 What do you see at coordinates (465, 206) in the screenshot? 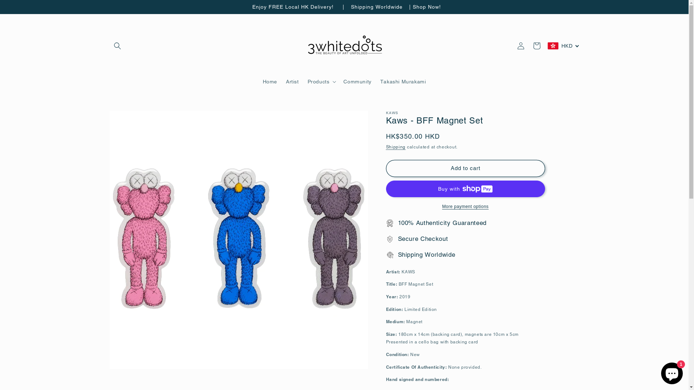
I see `'More payment options'` at bounding box center [465, 206].